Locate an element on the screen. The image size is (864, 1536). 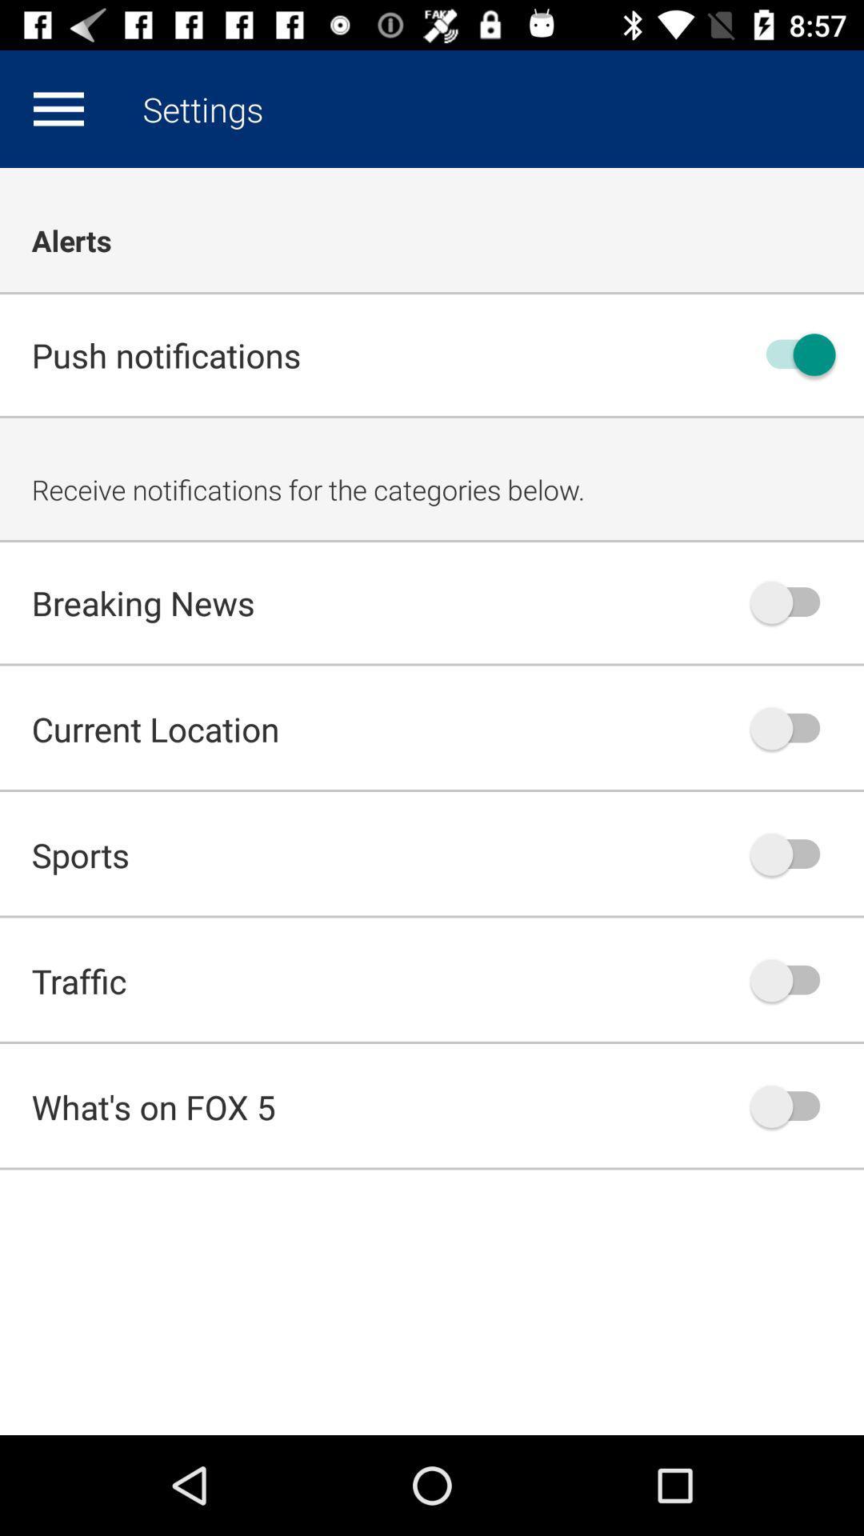
off on is located at coordinates (793, 354).